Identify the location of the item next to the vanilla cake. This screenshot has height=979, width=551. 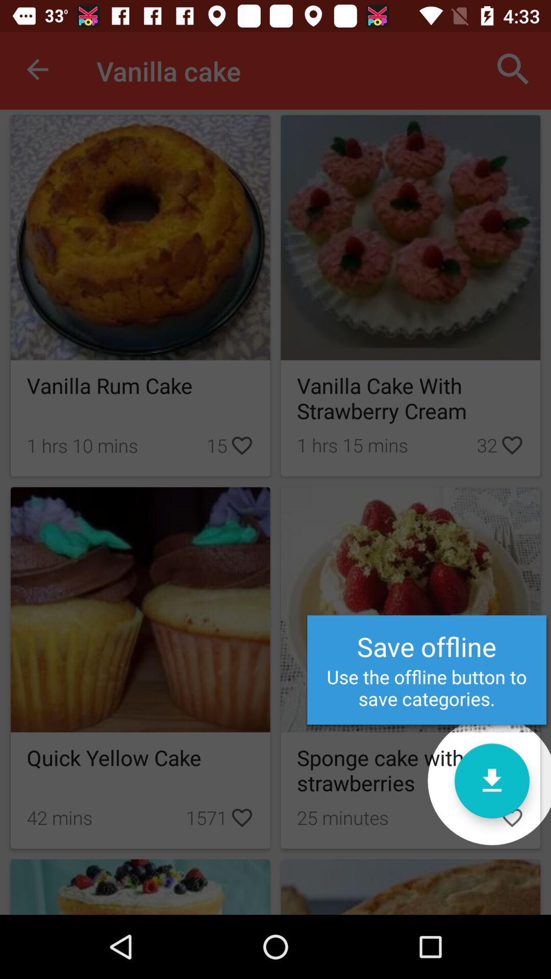
(37, 69).